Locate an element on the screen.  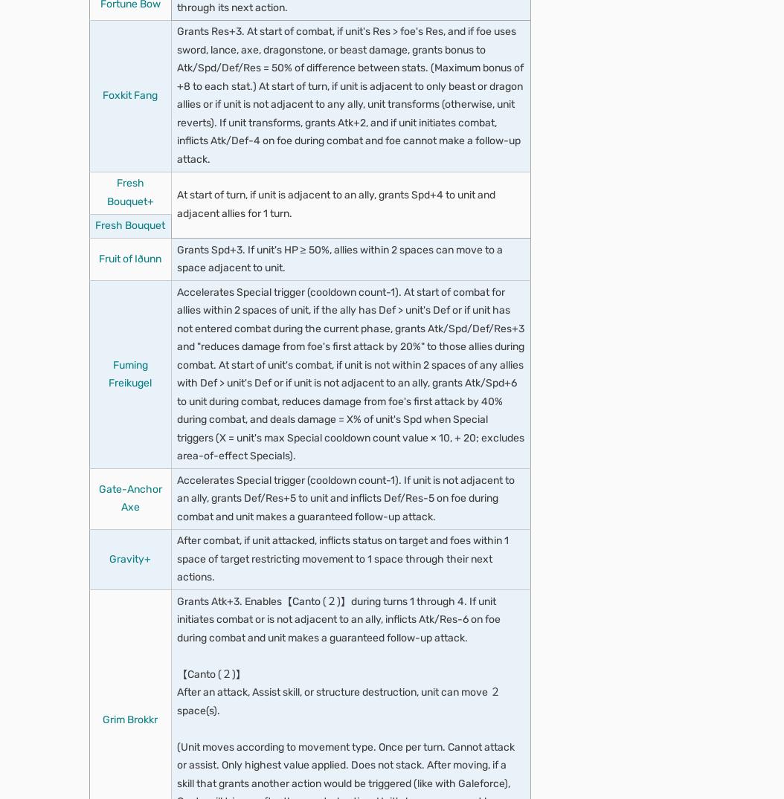
'1' is located at coordinates (112, 138).